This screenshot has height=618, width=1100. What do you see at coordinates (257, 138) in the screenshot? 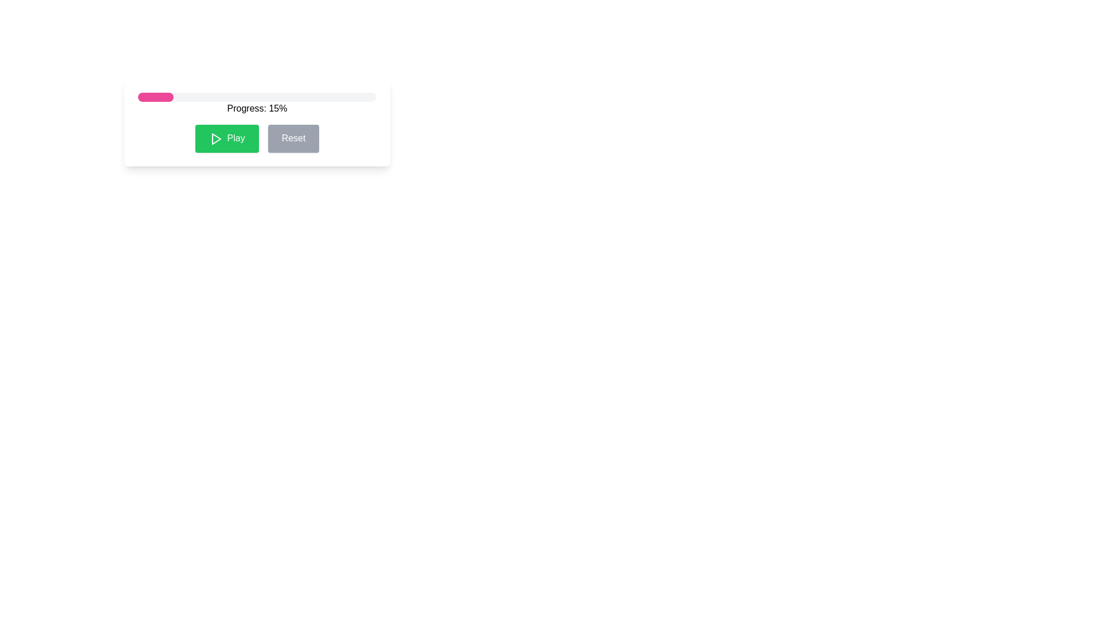
I see `the 'Play' button, which is the left button in a horizontal row at the bottom of the section, to visualize its hover state` at bounding box center [257, 138].